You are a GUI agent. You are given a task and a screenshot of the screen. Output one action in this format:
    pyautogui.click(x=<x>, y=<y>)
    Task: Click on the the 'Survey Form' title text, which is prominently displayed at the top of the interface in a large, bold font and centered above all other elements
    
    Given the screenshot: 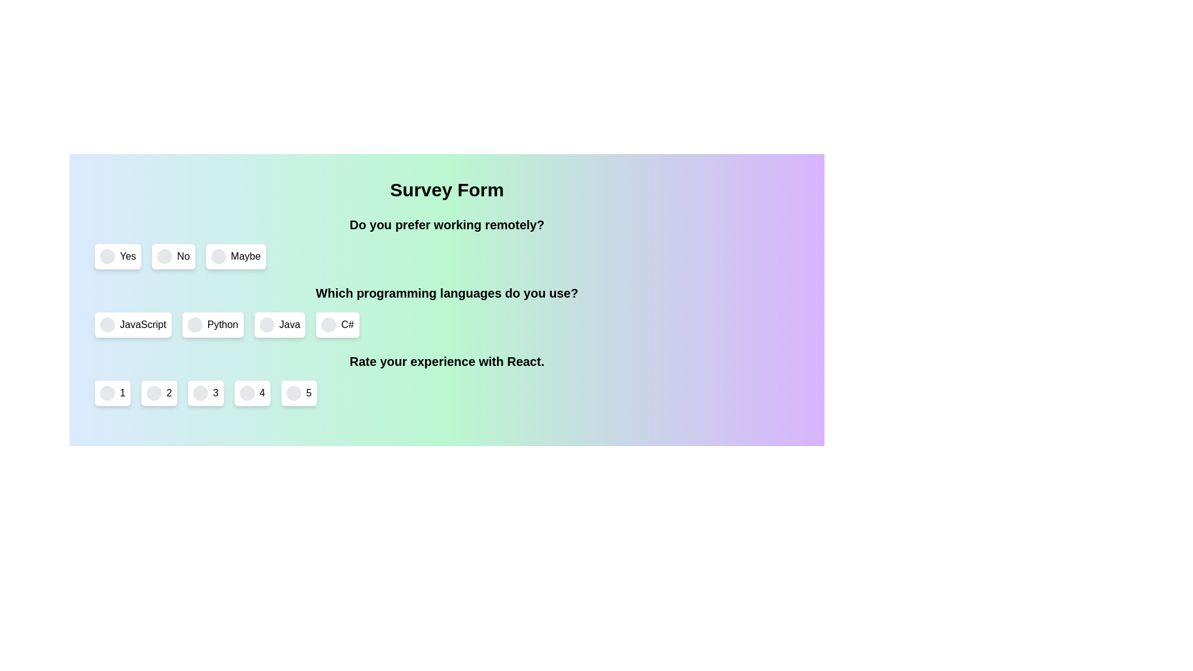 What is the action you would take?
    pyautogui.click(x=447, y=189)
    